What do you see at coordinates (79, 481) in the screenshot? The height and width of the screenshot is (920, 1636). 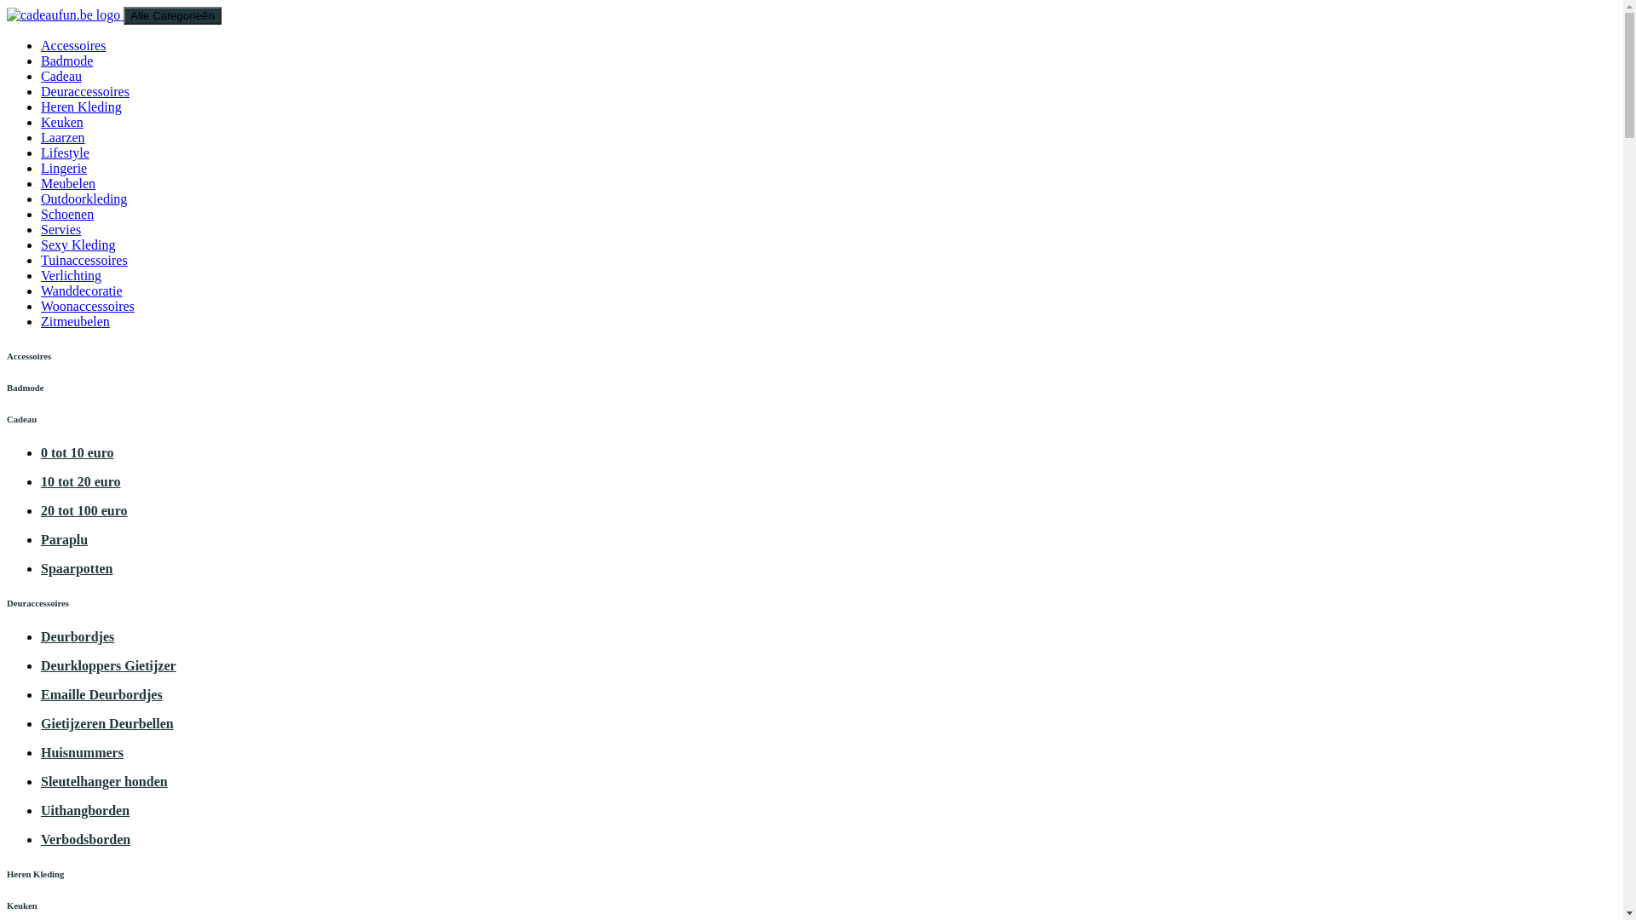 I see `'10 tot 20 euro'` at bounding box center [79, 481].